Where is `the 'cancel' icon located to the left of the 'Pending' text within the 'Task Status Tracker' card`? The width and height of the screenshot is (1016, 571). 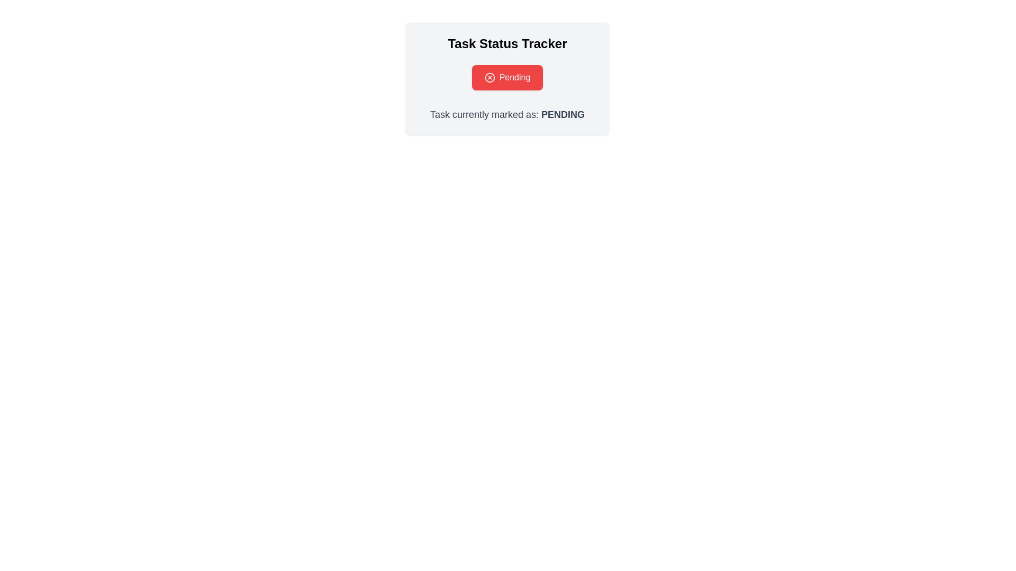 the 'cancel' icon located to the left of the 'Pending' text within the 'Task Status Tracker' card is located at coordinates (489, 77).